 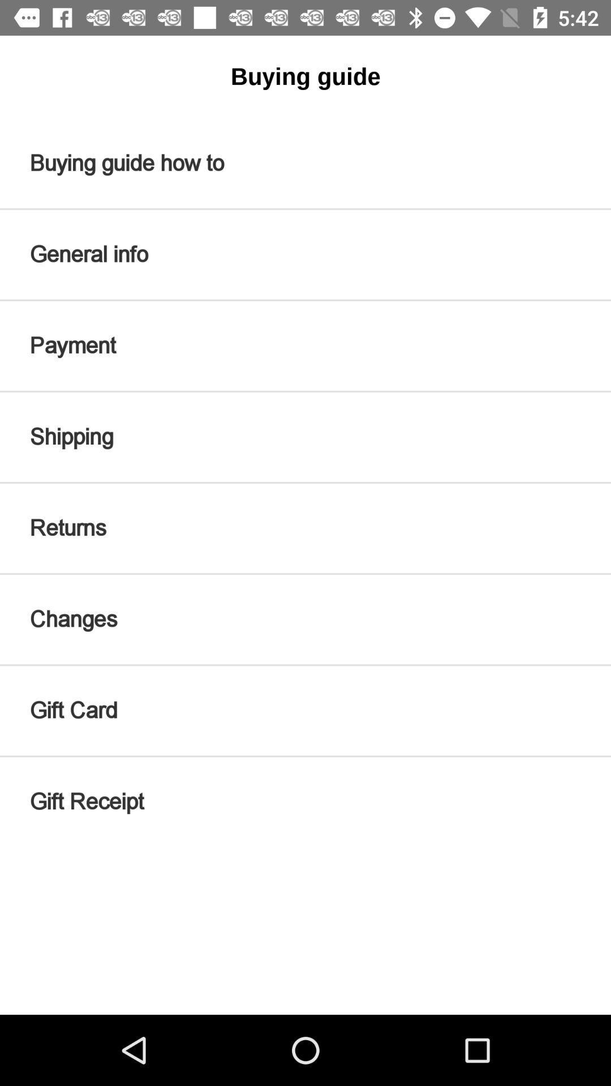 What do you see at coordinates (305, 436) in the screenshot?
I see `shipping item` at bounding box center [305, 436].